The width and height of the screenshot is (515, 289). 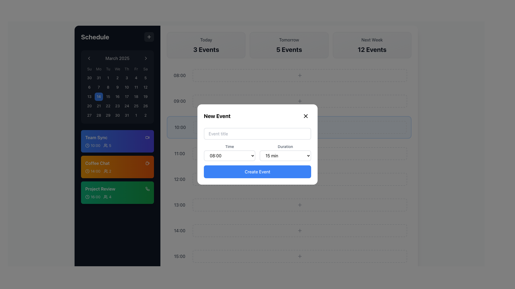 I want to click on the button representing the 20th day, so click(x=89, y=106).